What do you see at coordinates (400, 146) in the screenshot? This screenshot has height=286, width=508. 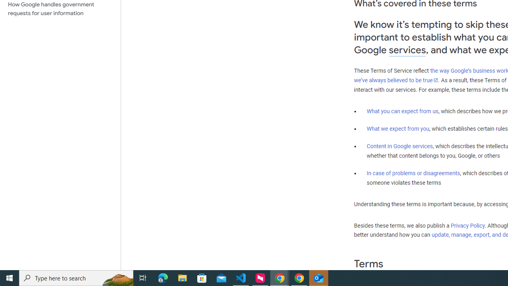 I see `'Content in Google services'` at bounding box center [400, 146].